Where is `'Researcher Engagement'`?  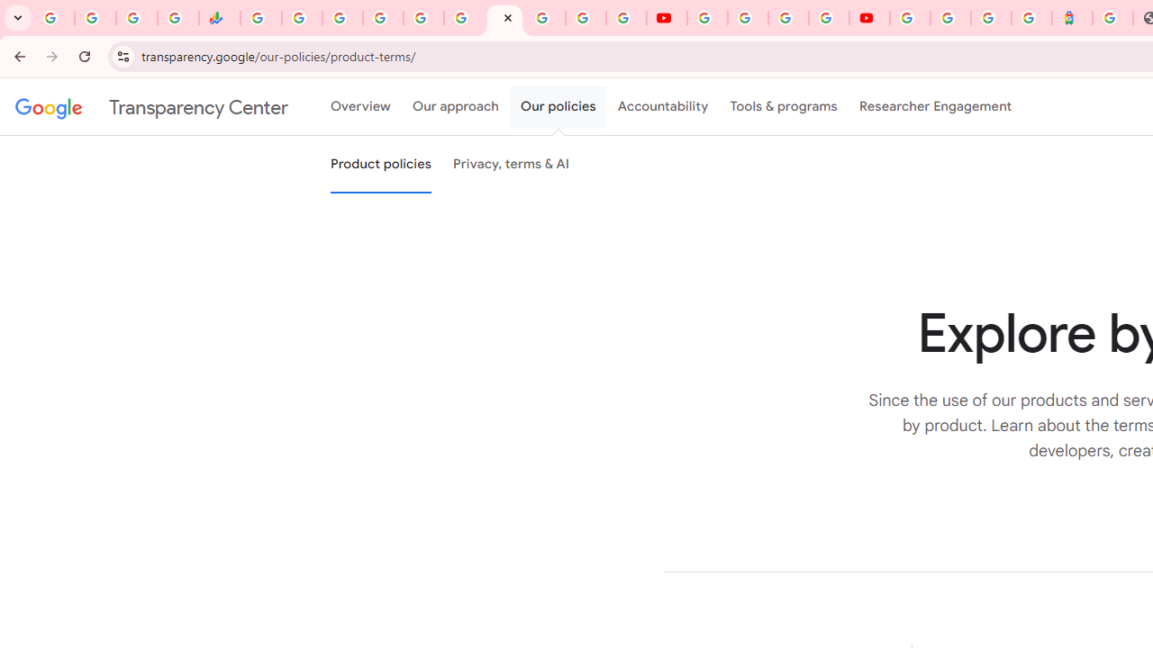 'Researcher Engagement' is located at coordinates (935, 107).